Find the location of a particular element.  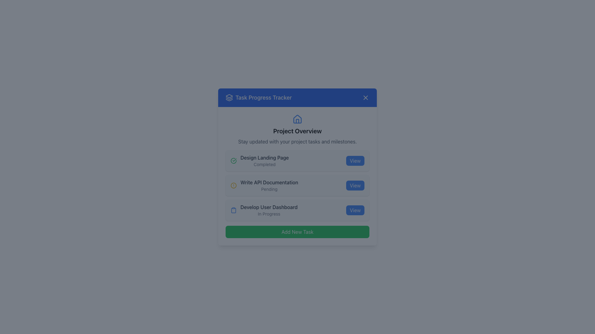

the non-interactive house icon located above the 'Project Overview' header in the card layout is located at coordinates (297, 119).